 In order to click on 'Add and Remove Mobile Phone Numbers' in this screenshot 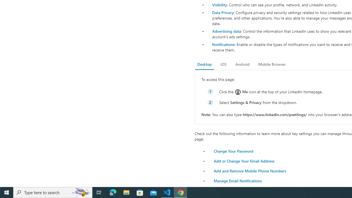, I will do `click(249, 170)`.